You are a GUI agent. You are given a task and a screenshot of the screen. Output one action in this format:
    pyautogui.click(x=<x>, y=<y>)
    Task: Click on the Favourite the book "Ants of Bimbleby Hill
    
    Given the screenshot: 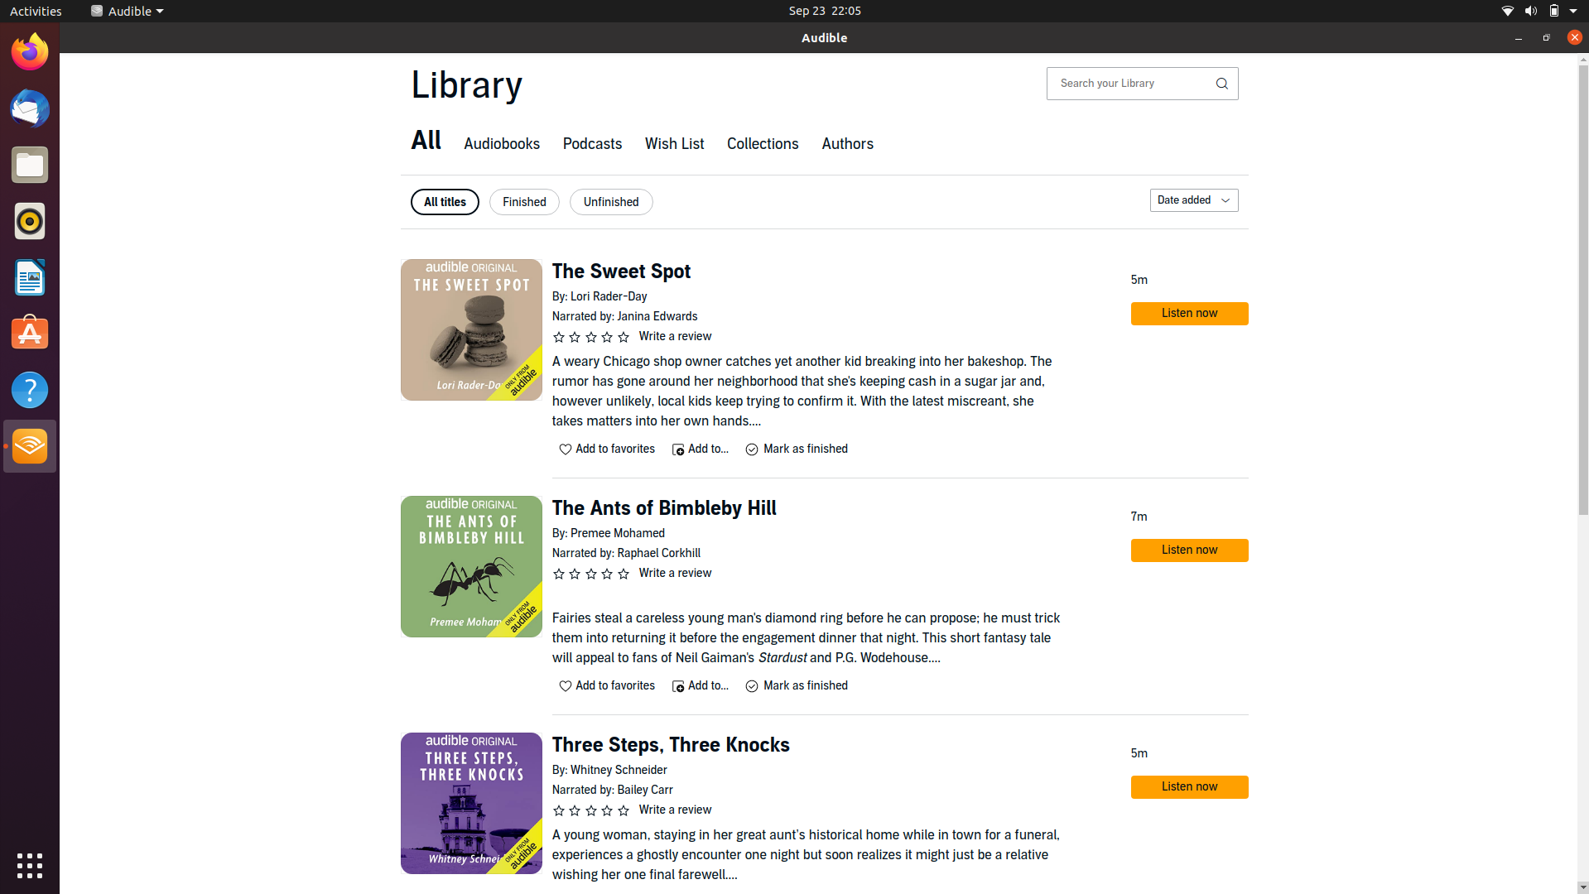 What is the action you would take?
    pyautogui.click(x=607, y=685)
    